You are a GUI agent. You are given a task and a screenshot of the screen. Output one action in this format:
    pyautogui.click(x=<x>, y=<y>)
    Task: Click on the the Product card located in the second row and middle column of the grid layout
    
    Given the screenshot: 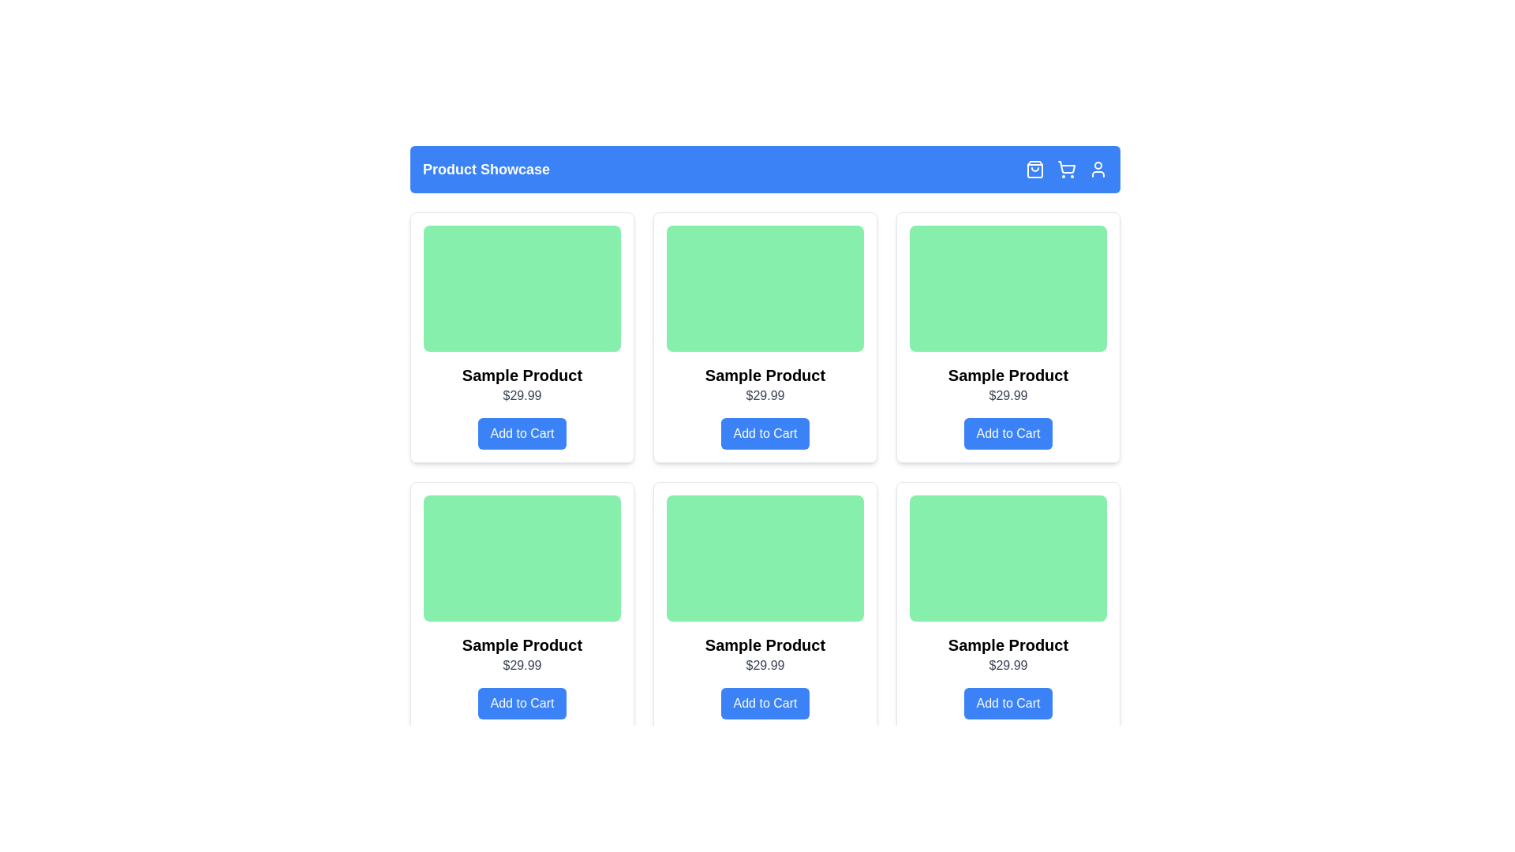 What is the action you would take?
    pyautogui.click(x=765, y=607)
    